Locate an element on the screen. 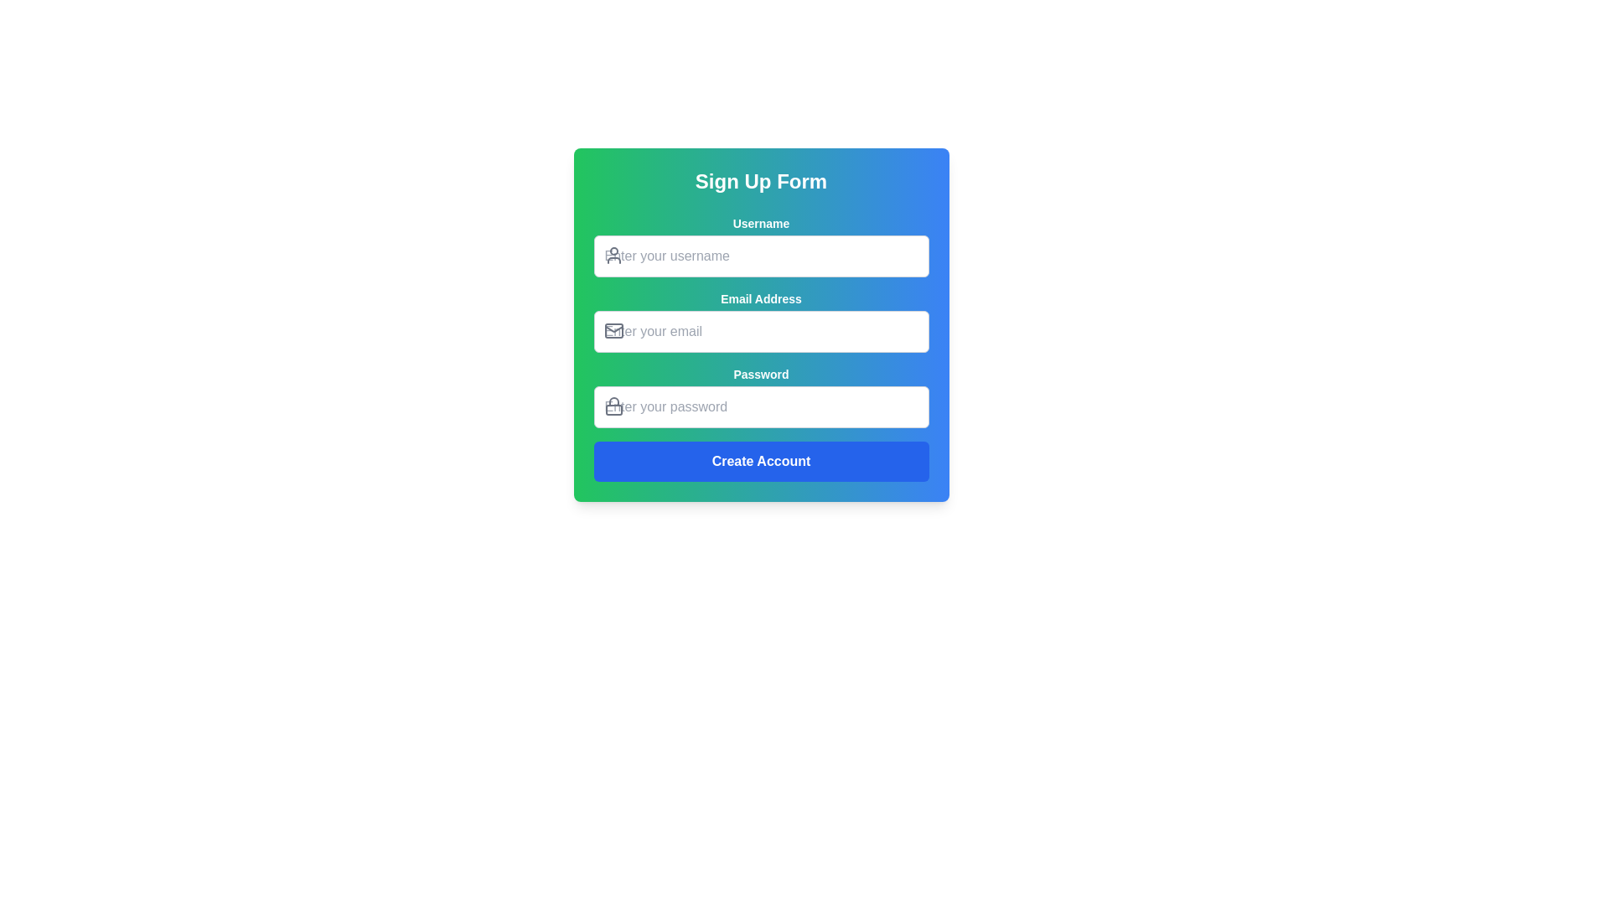 This screenshot has height=905, width=1609. the lock icon representing password security, which is positioned to the left of the 'Password' input field in the sign-up form is located at coordinates (613, 401).